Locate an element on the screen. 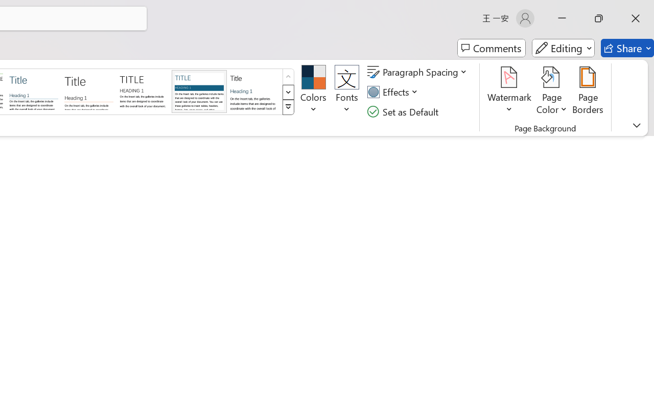  'Effects' is located at coordinates (393, 92).